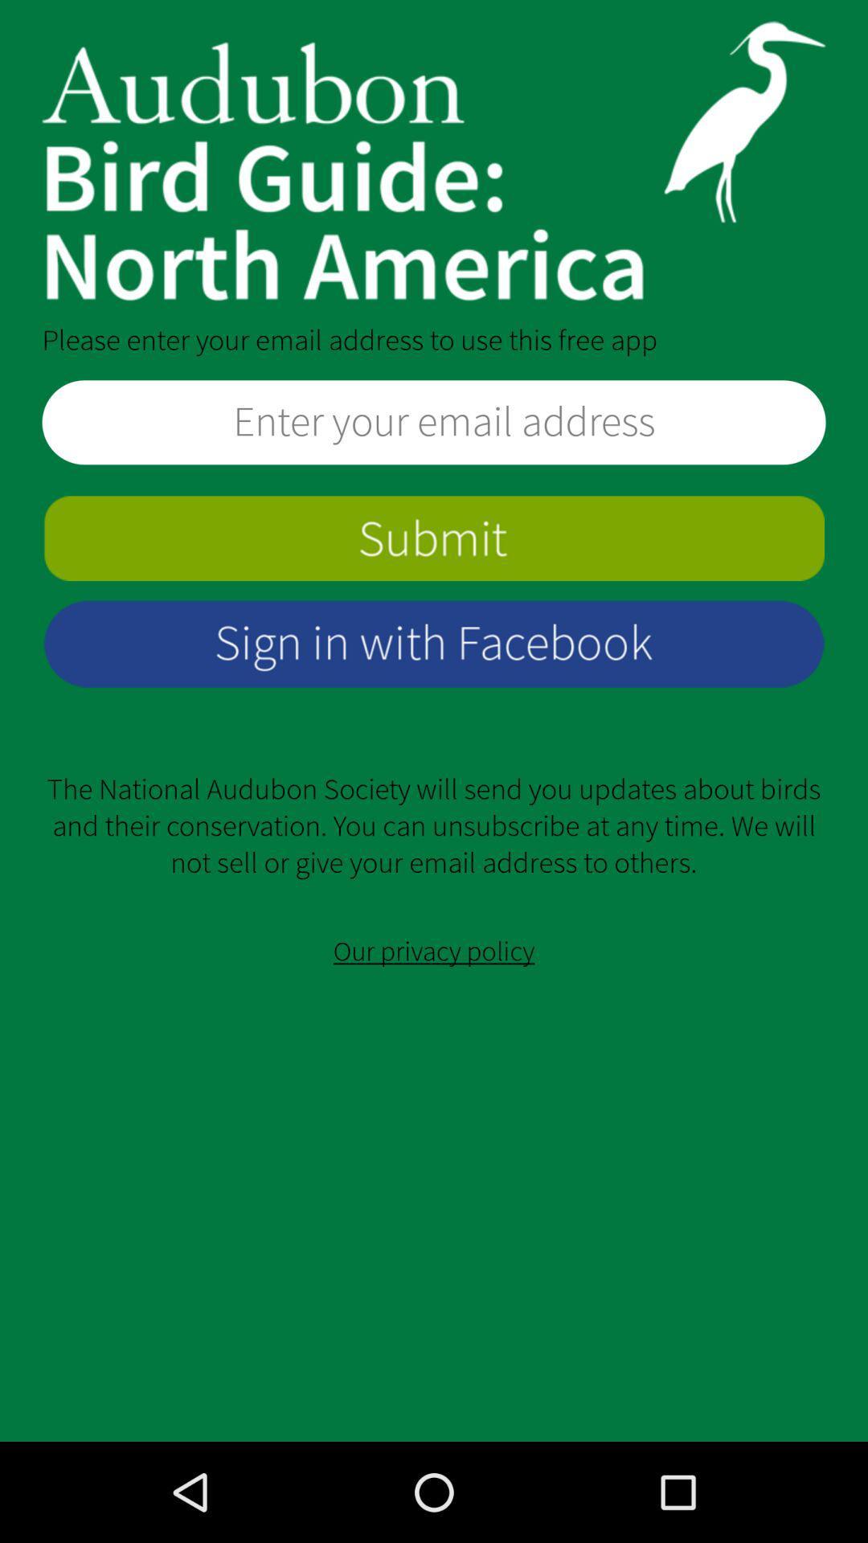 The height and width of the screenshot is (1543, 868). Describe the element at coordinates (434, 161) in the screenshot. I see `the item above the please enter your icon` at that location.